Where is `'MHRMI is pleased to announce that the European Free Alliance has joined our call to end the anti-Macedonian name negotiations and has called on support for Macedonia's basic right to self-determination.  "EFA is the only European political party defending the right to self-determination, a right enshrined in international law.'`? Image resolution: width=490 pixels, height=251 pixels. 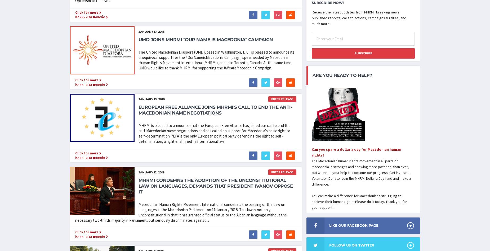
'MHRMI is pleased to announce that the European Free Alliance has joined our call to end the anti-Macedonian name negotiations and has called on support for Macedonia's basic right to self-determination.  "EFA is the only European political party defending the right to self-determination, a right enshrined in international law.' is located at coordinates (214, 133).